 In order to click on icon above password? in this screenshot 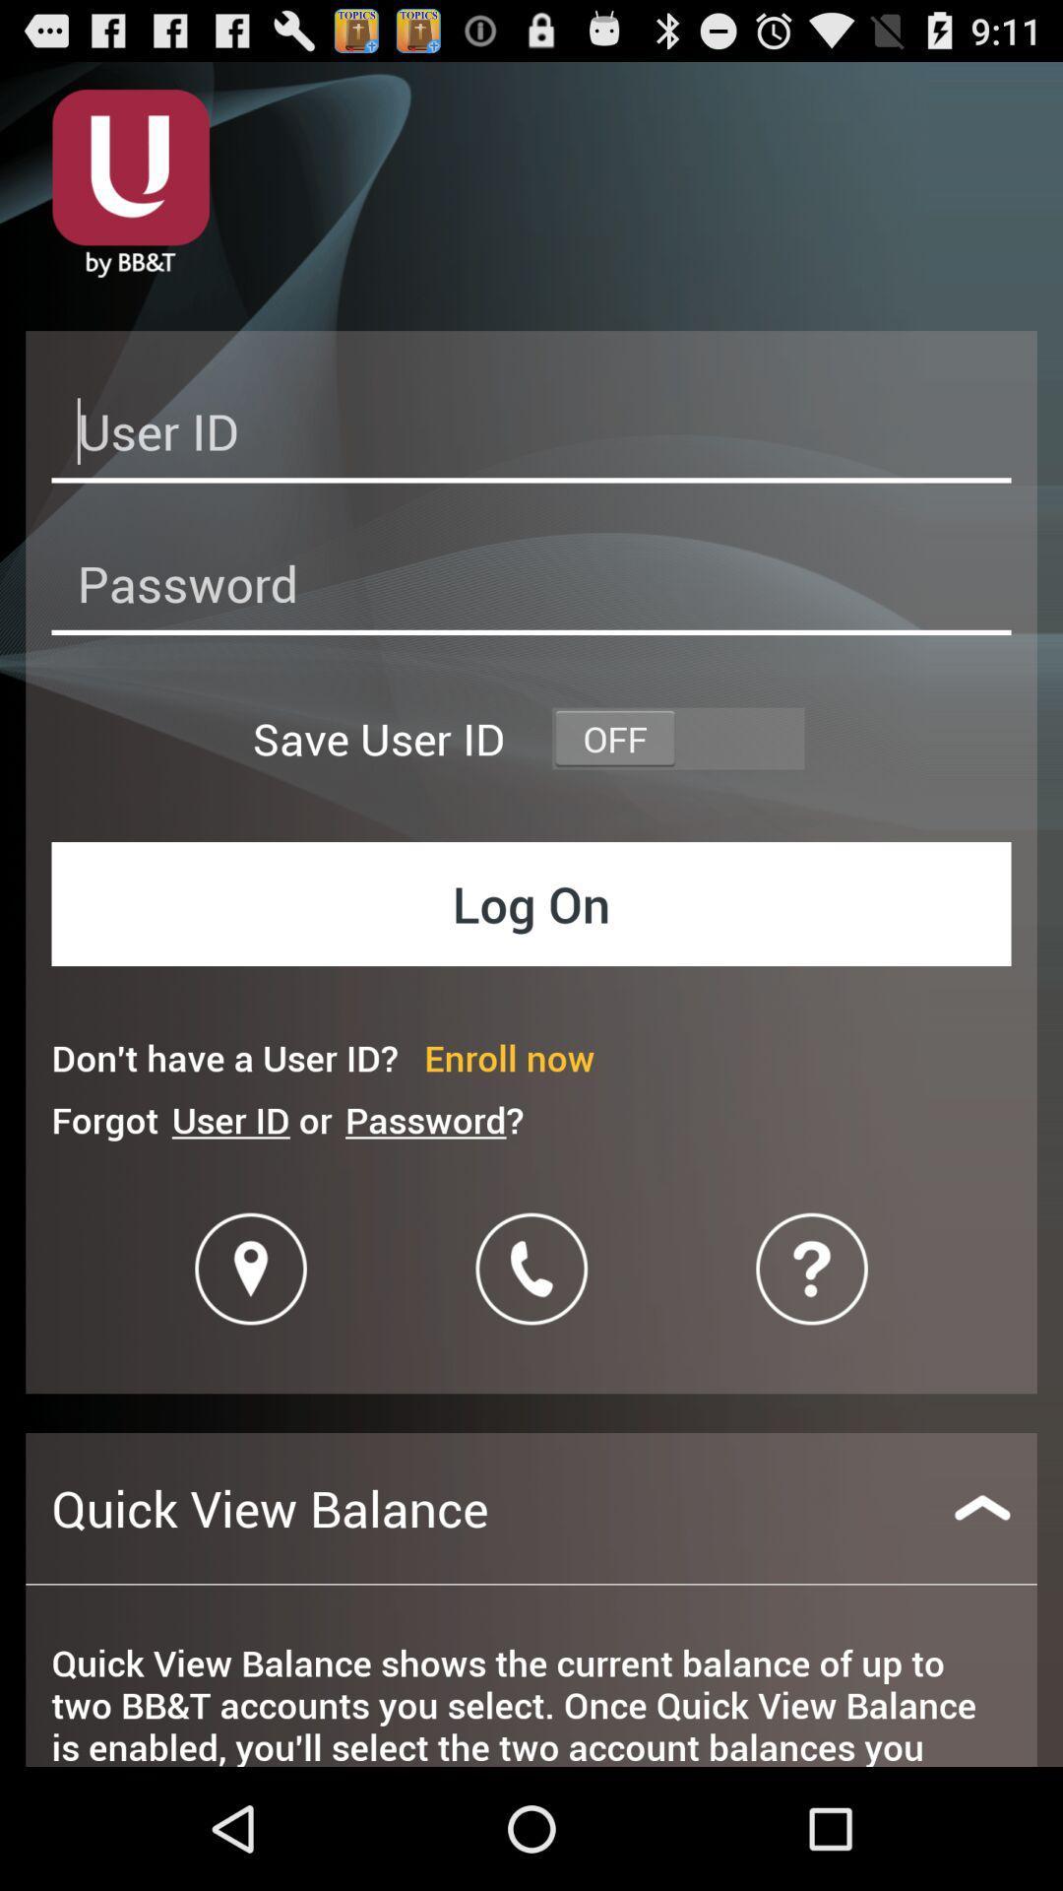, I will do `click(508, 1057)`.